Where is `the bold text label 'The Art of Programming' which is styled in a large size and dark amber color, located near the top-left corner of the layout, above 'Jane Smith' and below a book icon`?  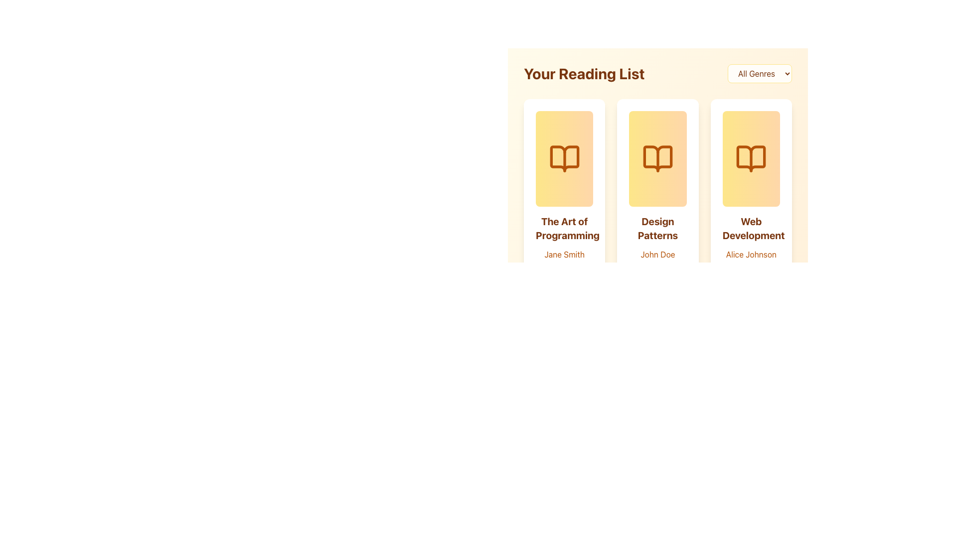 the bold text label 'The Art of Programming' which is styled in a large size and dark amber color, located near the top-left corner of the layout, above 'Jane Smith' and below a book icon is located at coordinates (564, 229).